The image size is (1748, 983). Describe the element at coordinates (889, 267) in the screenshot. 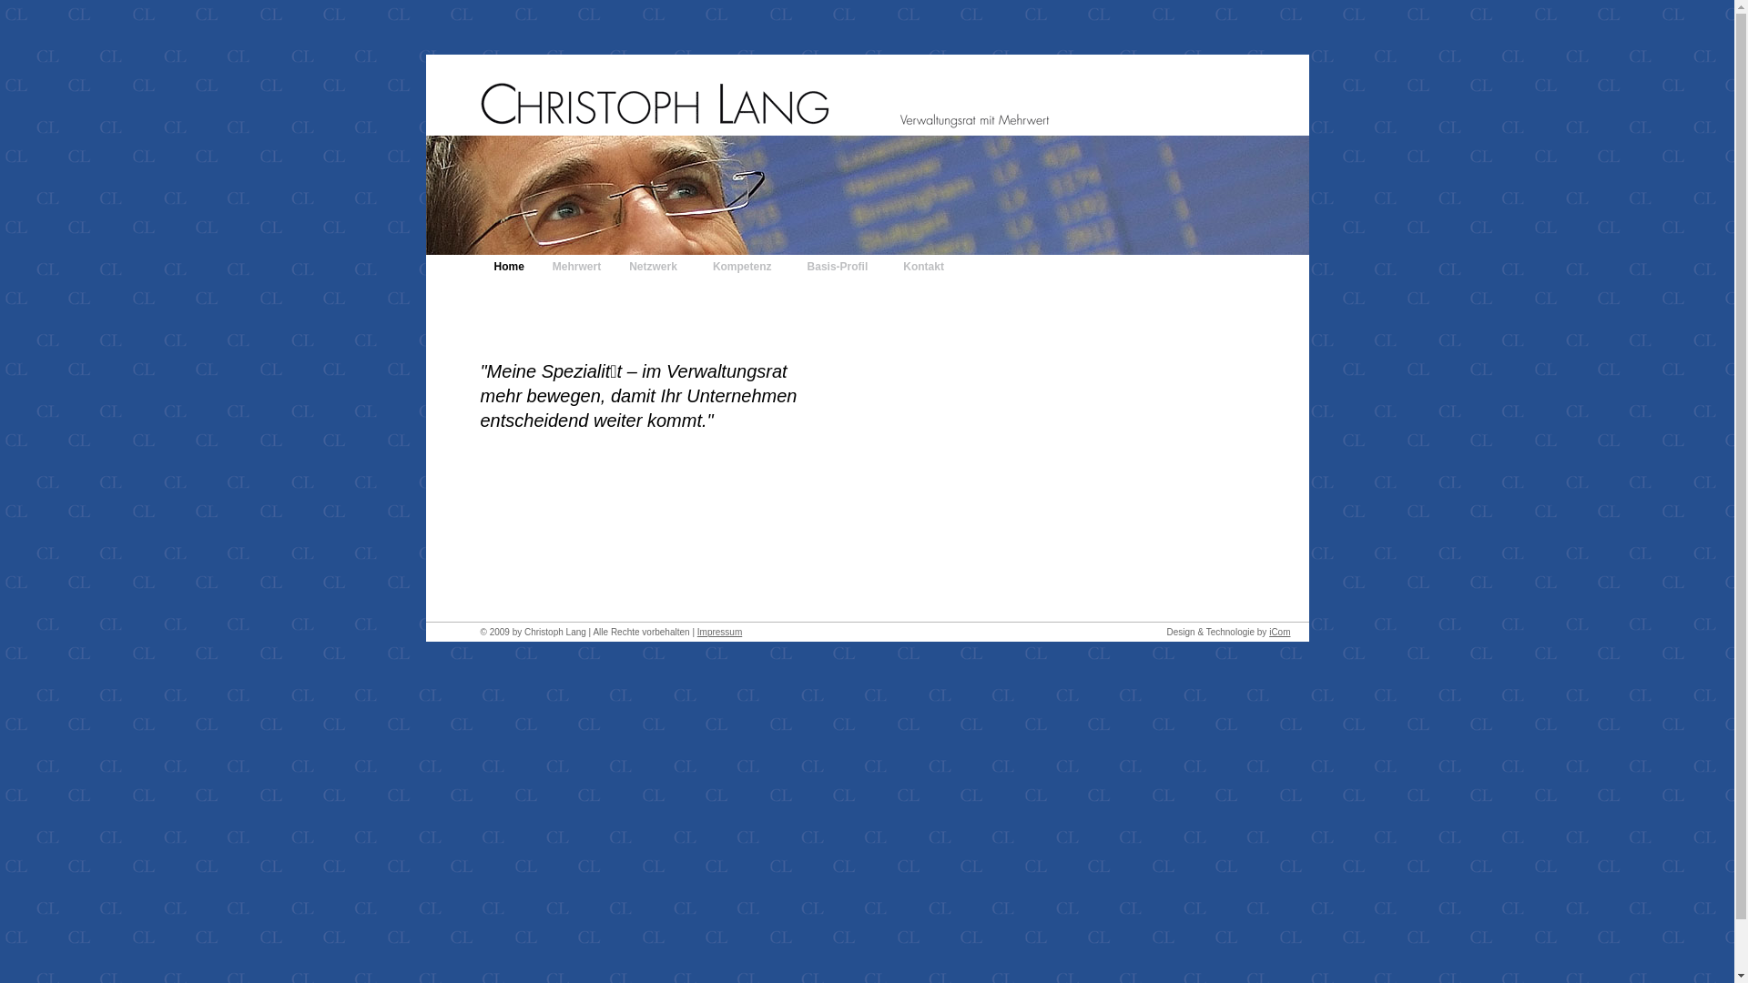

I see `'Kontakt'` at that location.